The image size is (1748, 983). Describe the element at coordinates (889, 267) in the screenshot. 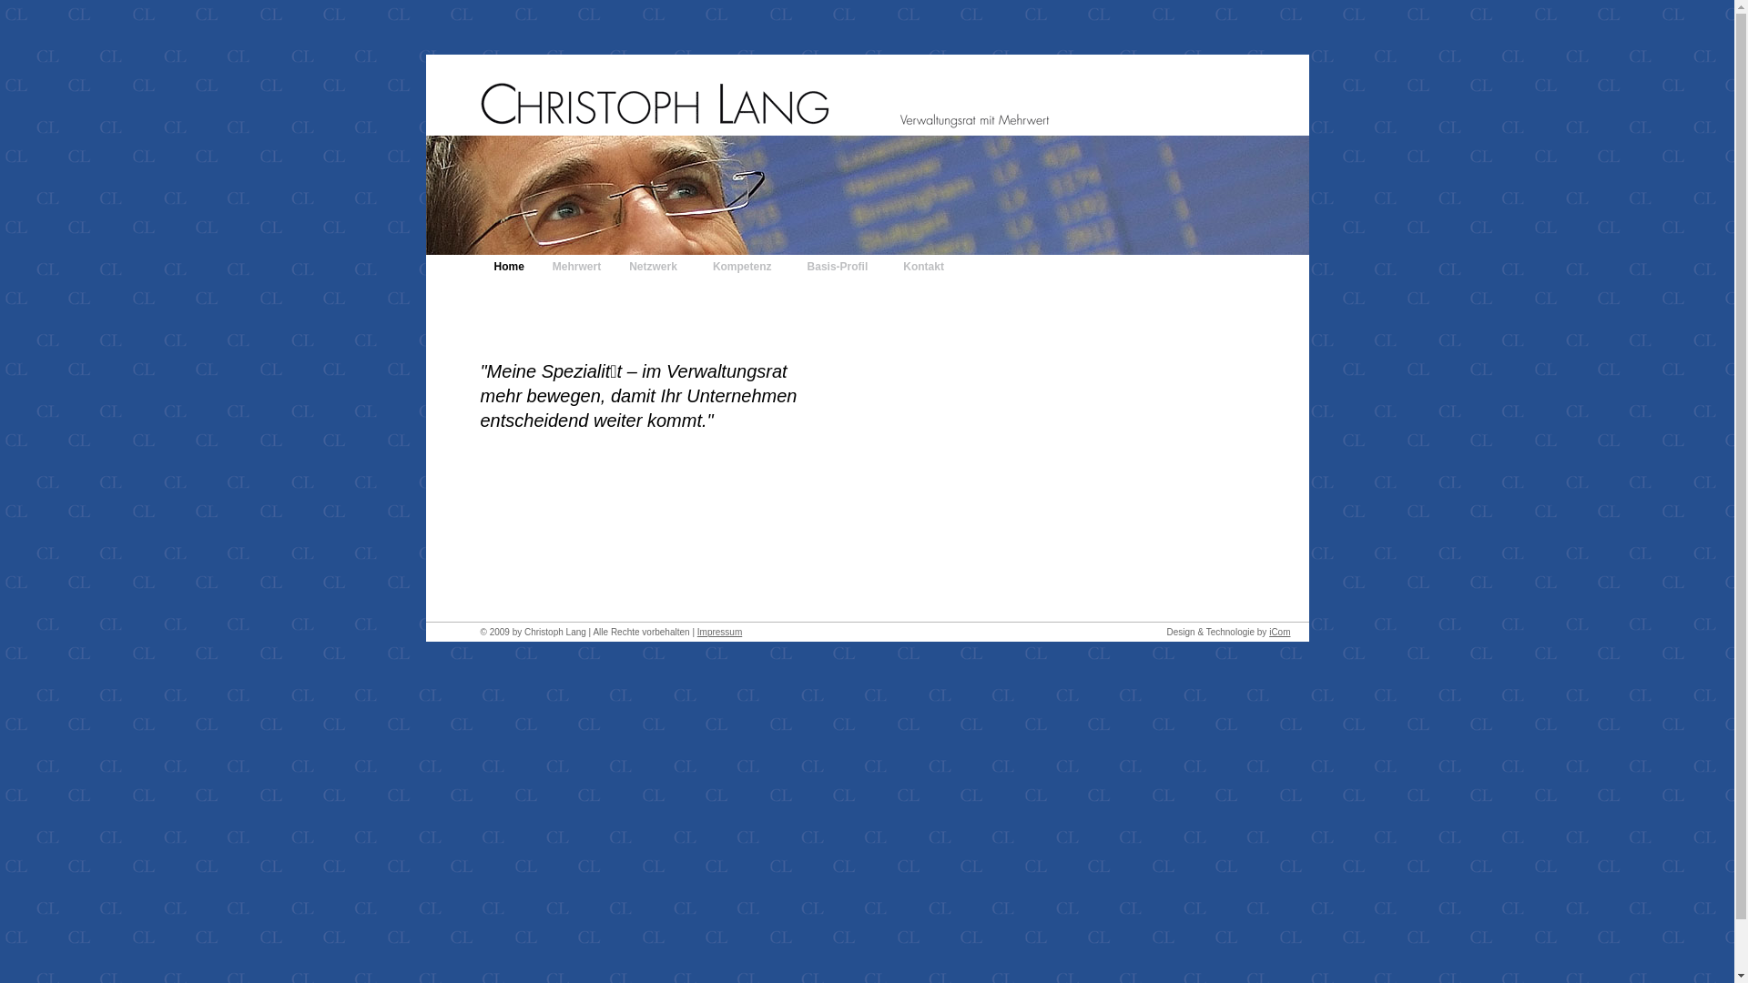

I see `'Kontakt'` at that location.